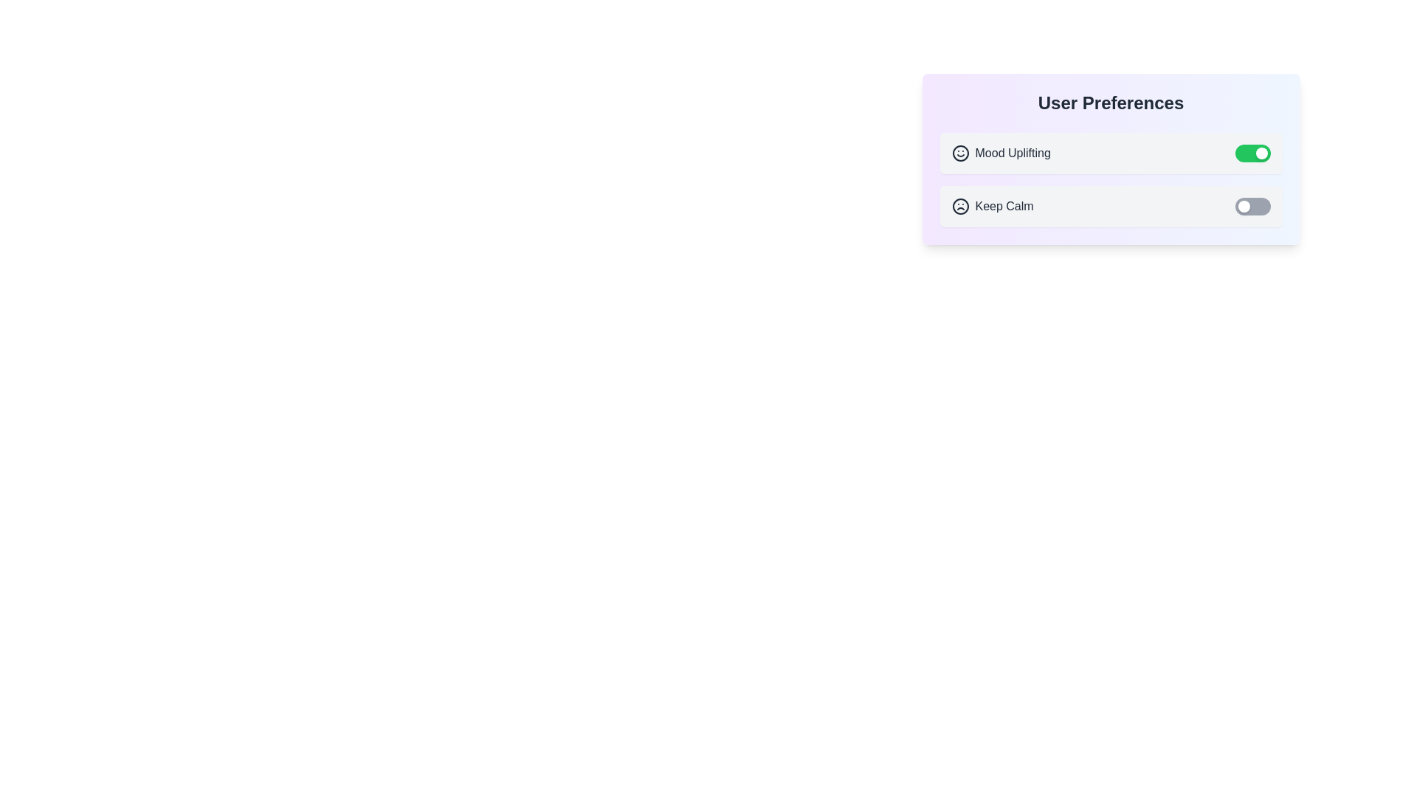 The height and width of the screenshot is (797, 1417). What do you see at coordinates (1111, 102) in the screenshot?
I see `the 'User Preferences' text label, which is a prominent header in bold, large font at the top of a panel with a gradient background` at bounding box center [1111, 102].